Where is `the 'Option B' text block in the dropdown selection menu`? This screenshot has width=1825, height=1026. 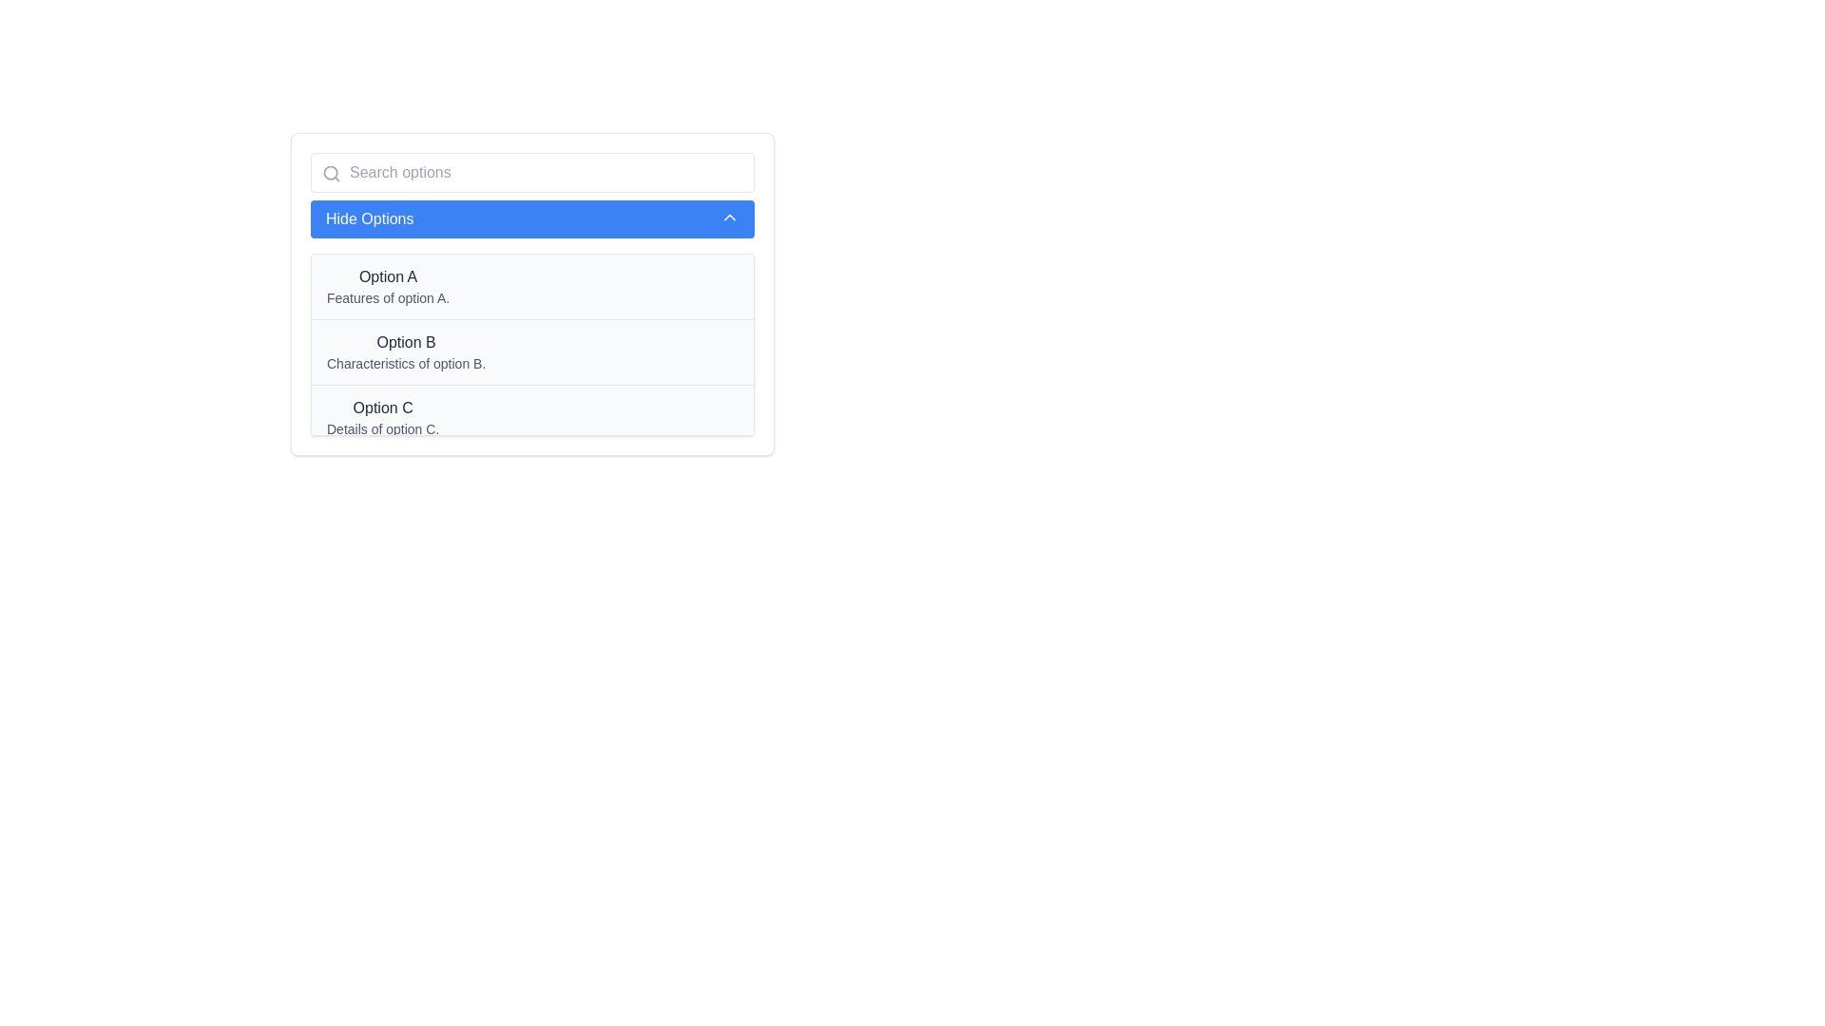 the 'Option B' text block in the dropdown selection menu is located at coordinates (405, 351).